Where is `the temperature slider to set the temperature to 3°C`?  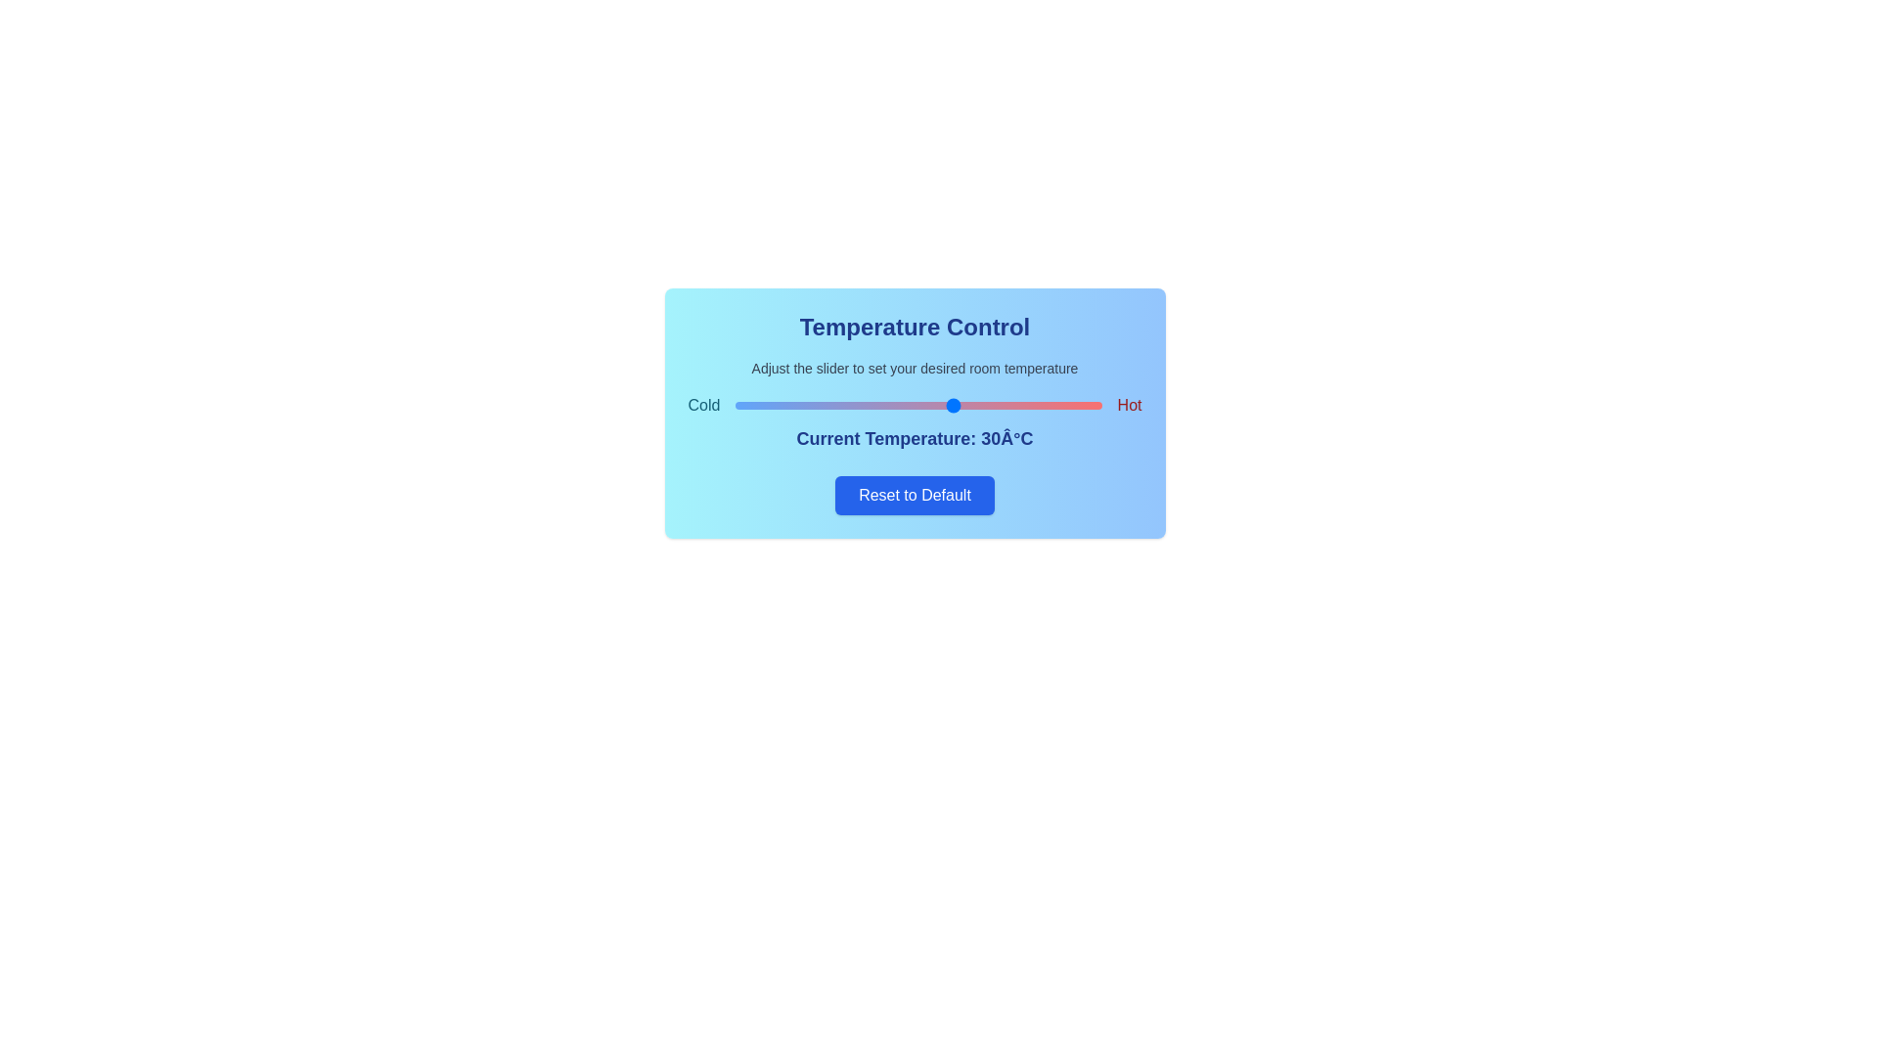
the temperature slider to set the temperature to 3°C is located at coordinates (756, 405).